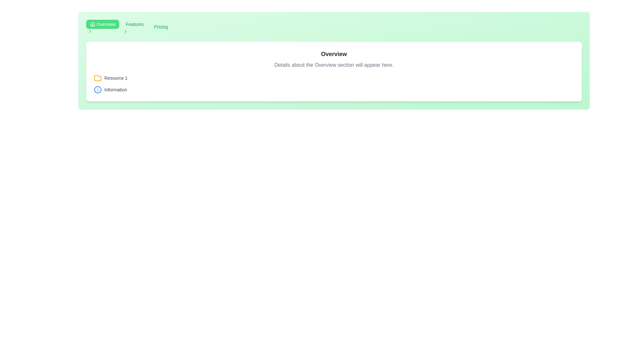  I want to click on text content of the label displaying 'Information', which is styled with small gray text and positioned beside an information icon, so click(115, 90).